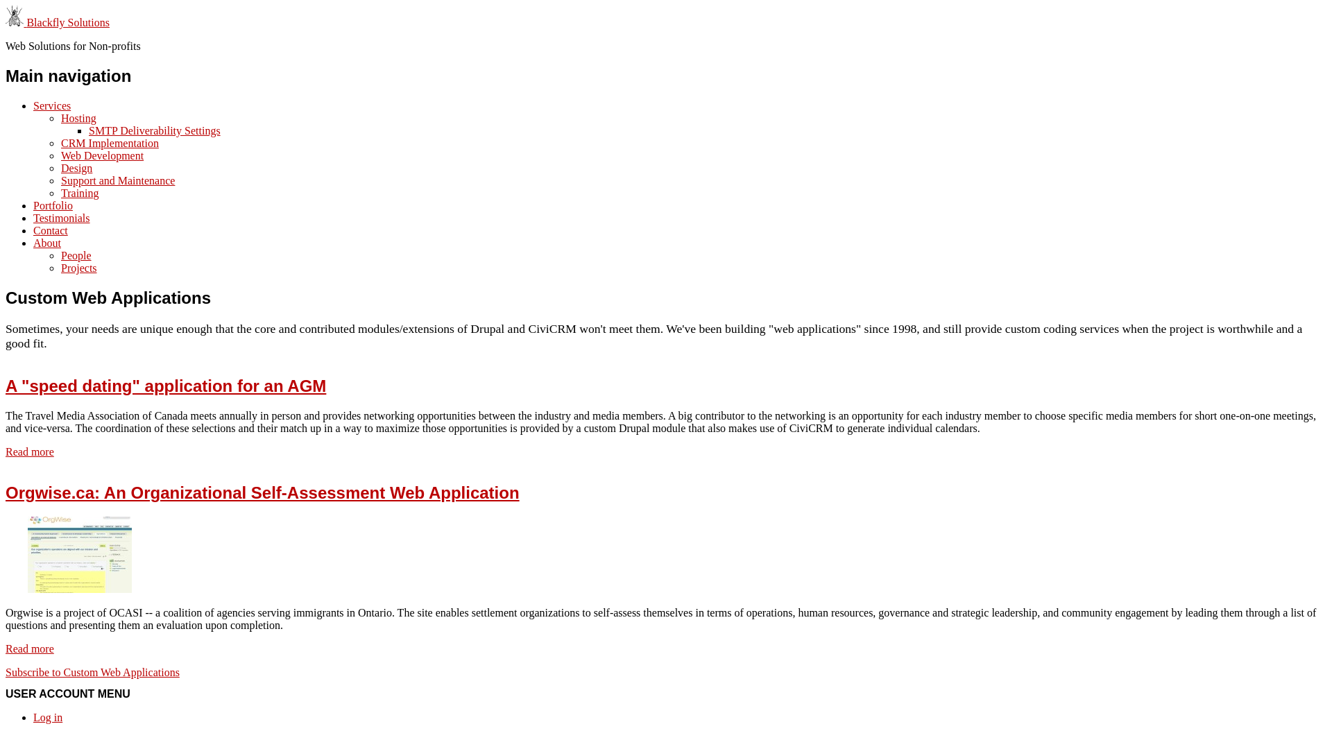 The image size is (1332, 749). What do you see at coordinates (53, 205) in the screenshot?
I see `'Portfolio'` at bounding box center [53, 205].